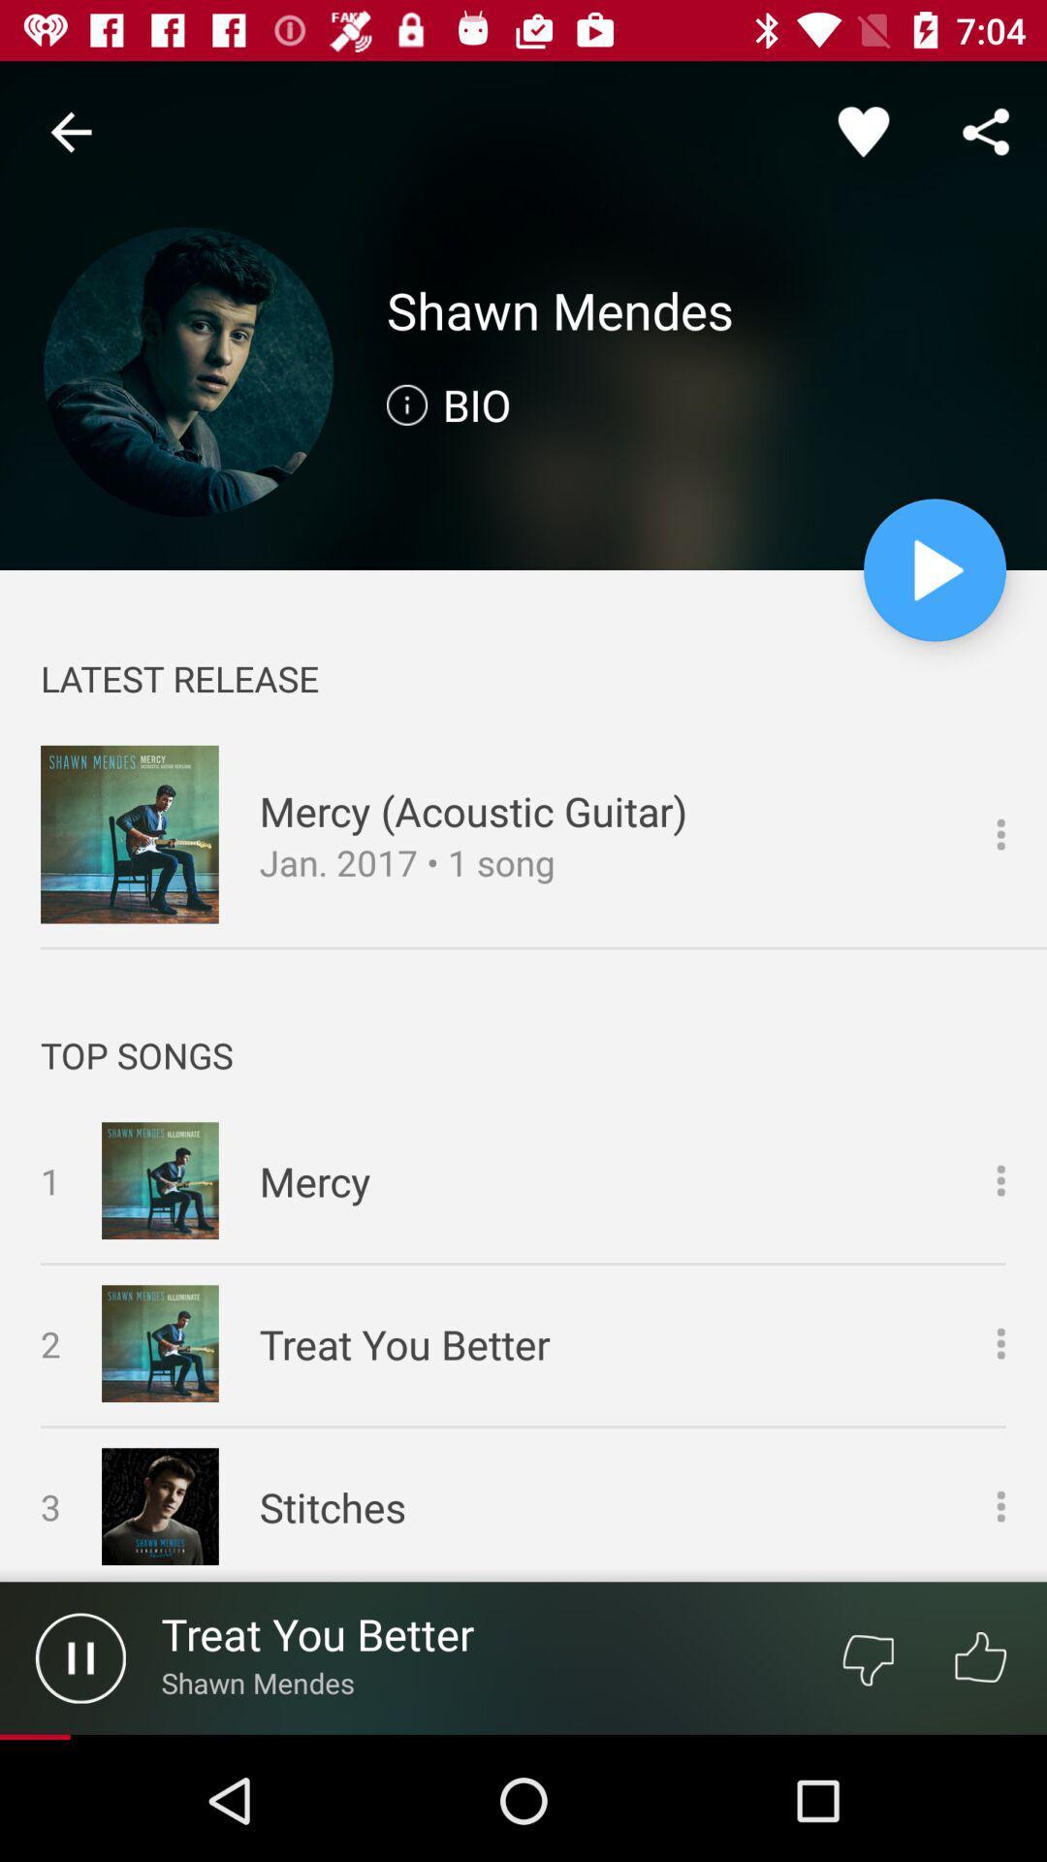 Image resolution: width=1047 pixels, height=1862 pixels. Describe the element at coordinates (980, 1656) in the screenshot. I see `the thumbs_up icon` at that location.